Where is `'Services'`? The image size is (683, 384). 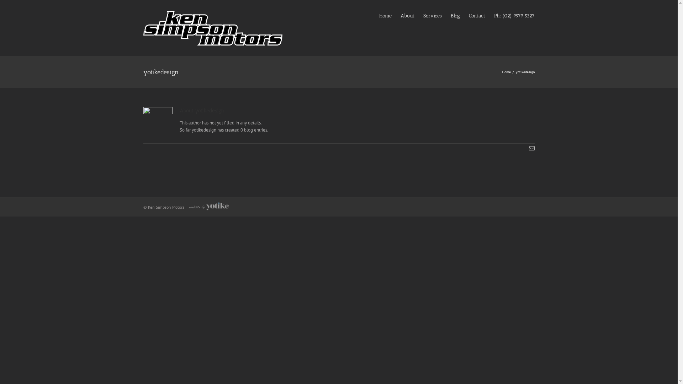 'Services' is located at coordinates (432, 15).